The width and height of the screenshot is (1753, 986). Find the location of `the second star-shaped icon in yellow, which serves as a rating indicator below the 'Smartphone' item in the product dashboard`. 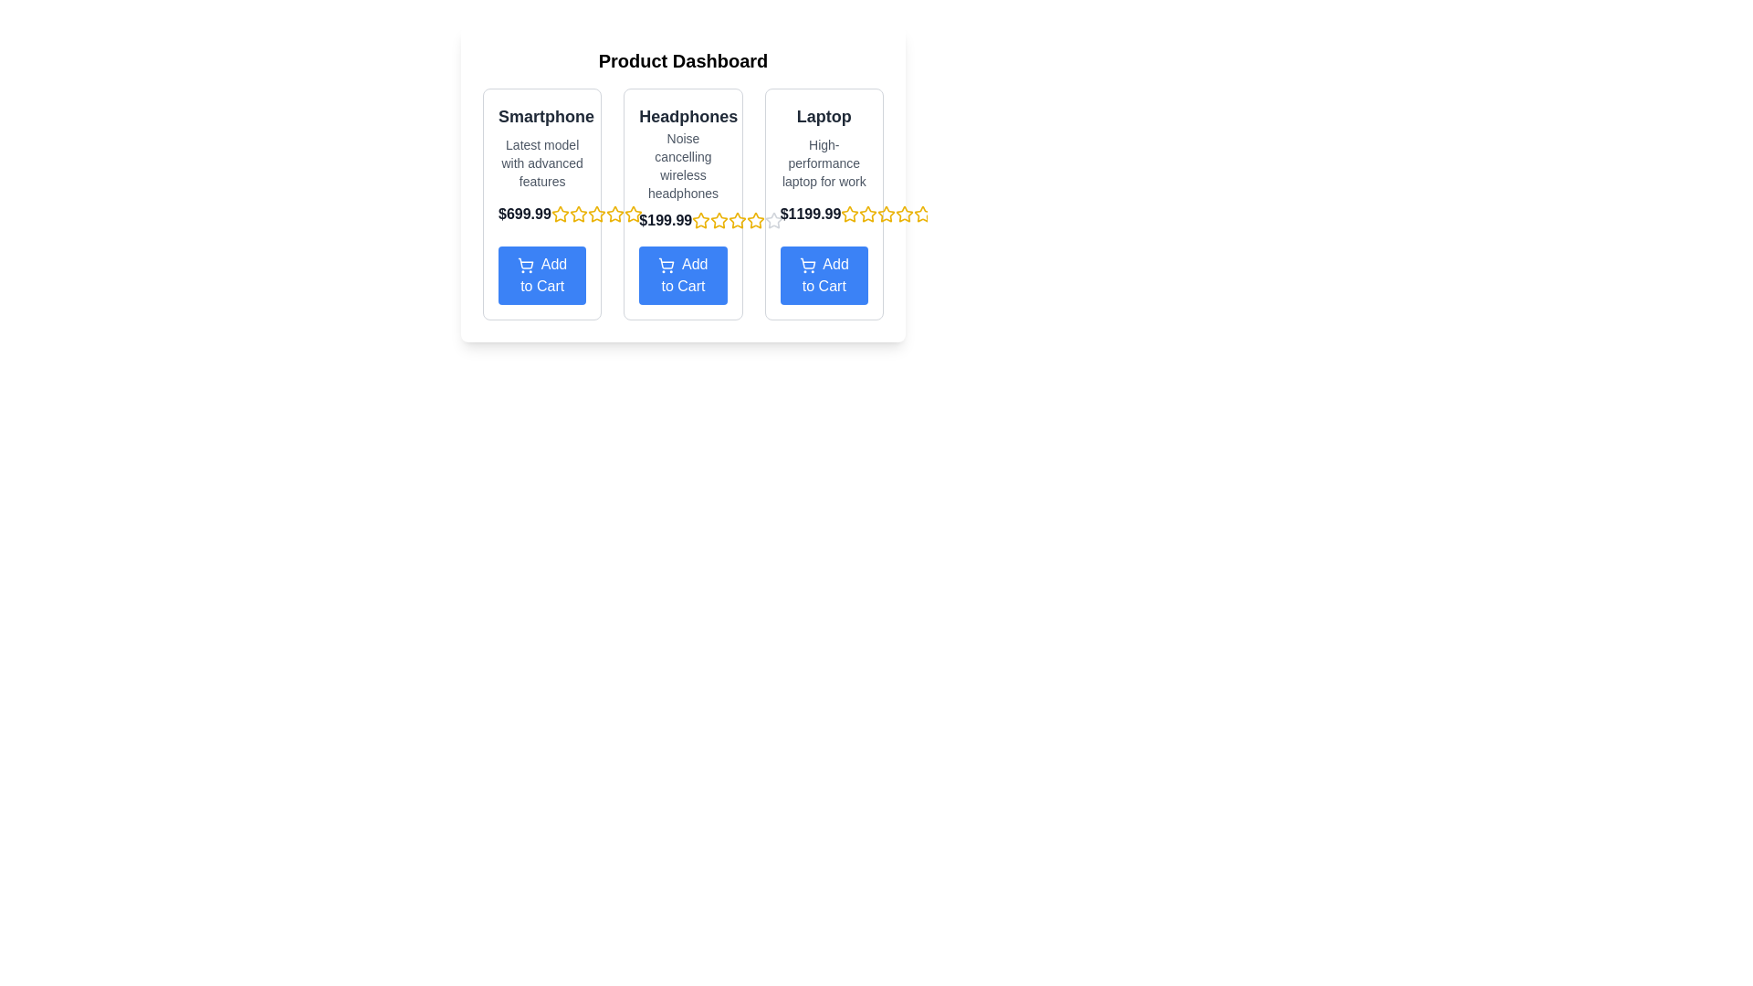

the second star-shaped icon in yellow, which serves as a rating indicator below the 'Smartphone' item in the product dashboard is located at coordinates (577, 213).